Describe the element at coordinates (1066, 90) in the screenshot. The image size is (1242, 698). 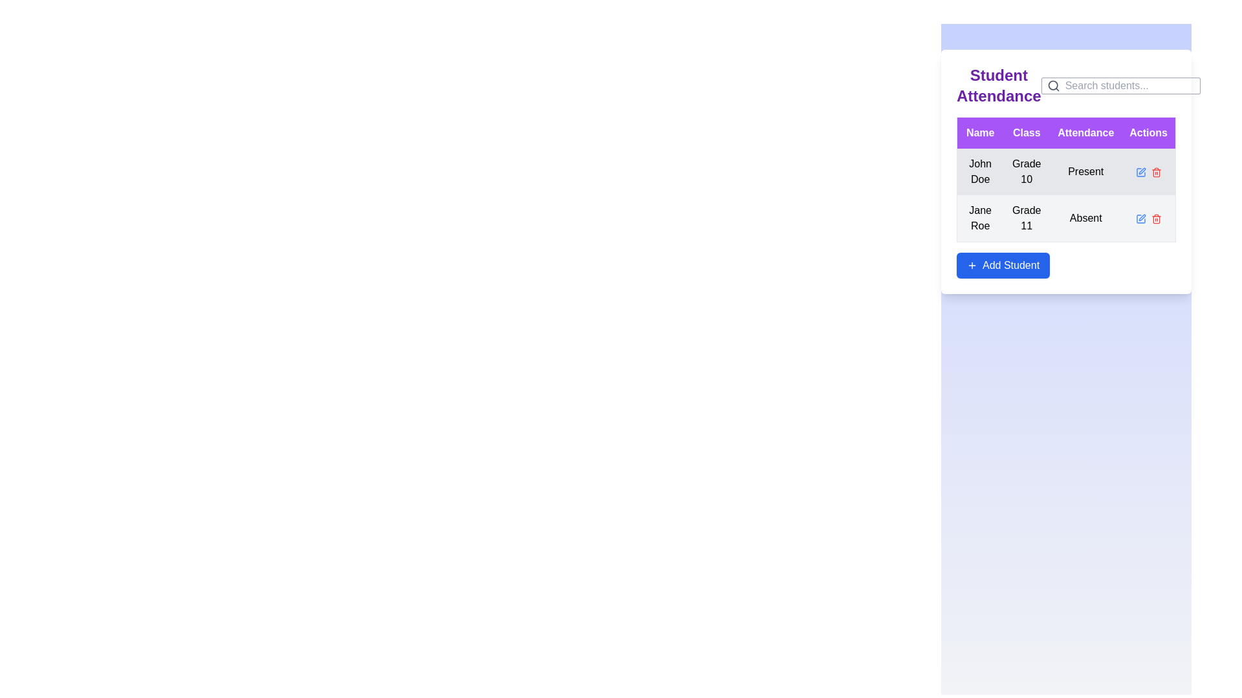
I see `the search bar in the 'Student Attendance' section to focus it` at that location.